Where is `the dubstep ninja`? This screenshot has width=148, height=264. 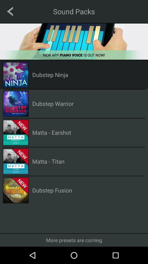 the dubstep ninja is located at coordinates (50, 74).